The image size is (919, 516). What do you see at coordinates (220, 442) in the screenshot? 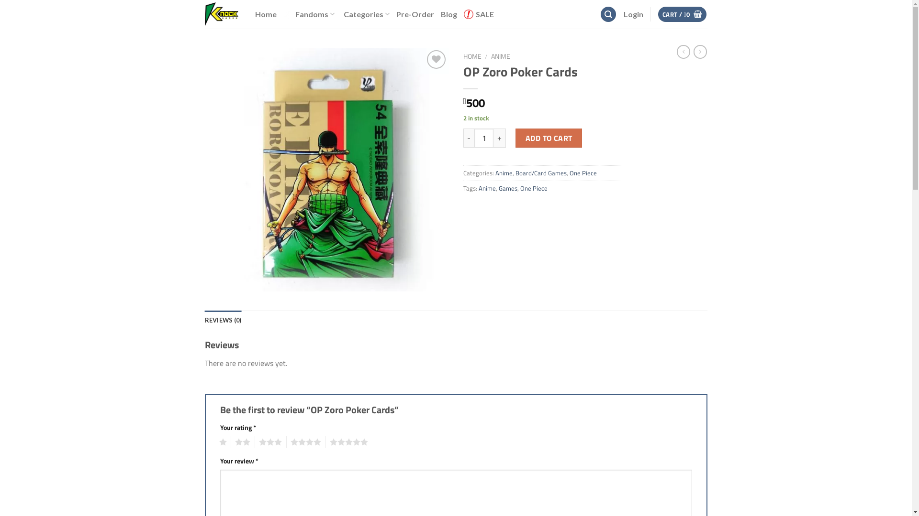
I see `'1'` at bounding box center [220, 442].